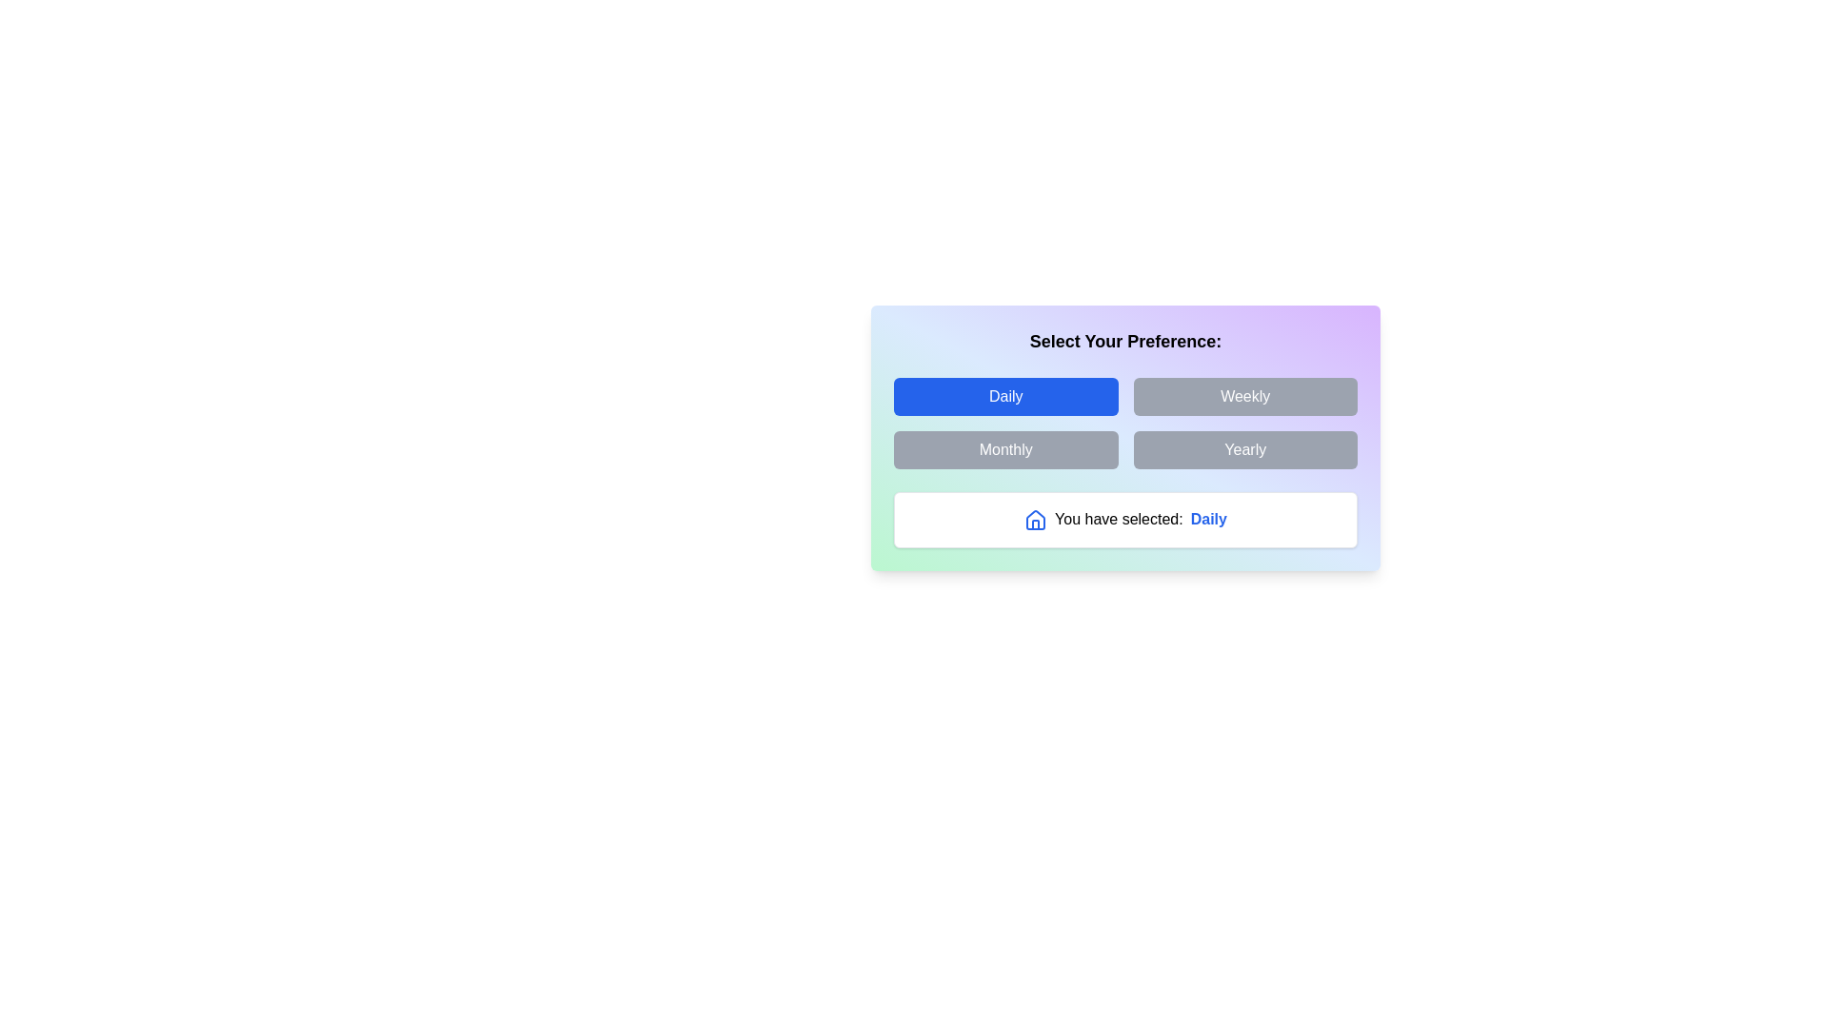 This screenshot has width=1828, height=1028. I want to click on the 'Weekly' button, which is a rectangular button with a light gray background and white centered text, located in the top-right section of a grid layout, so click(1245, 395).